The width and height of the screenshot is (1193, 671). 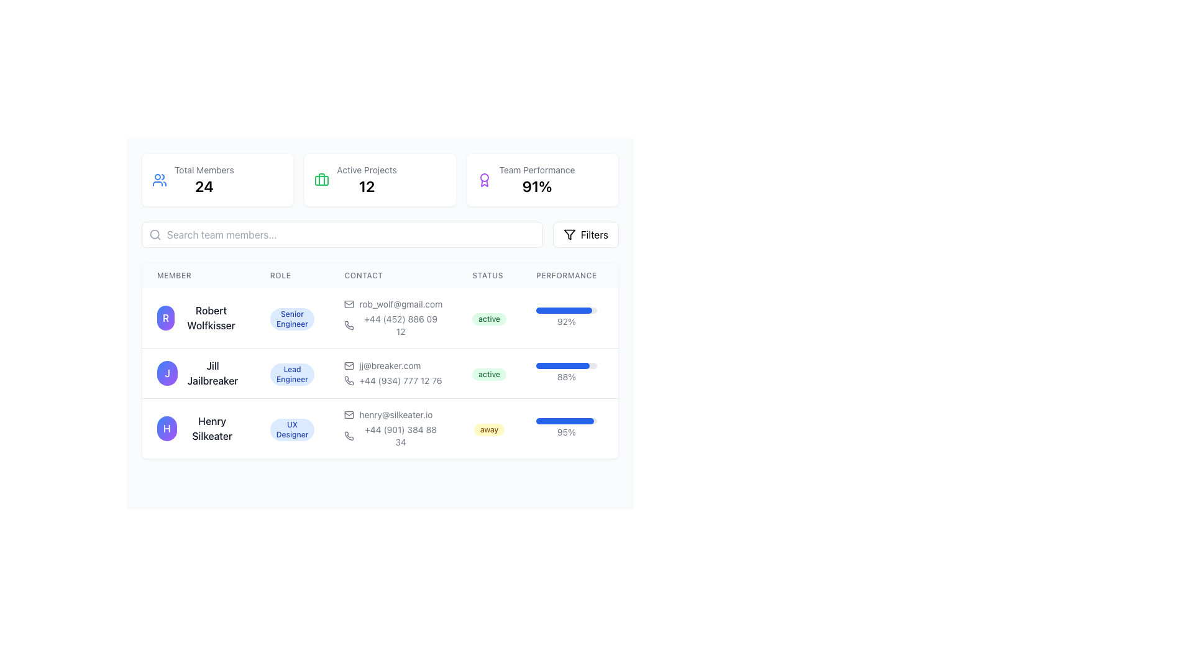 I want to click on the label displaying the name 'Henry Silkeater' in bold typography, which is located in the third row of the member list, directly beneath 'Jill Jailbreaker', so click(x=198, y=427).